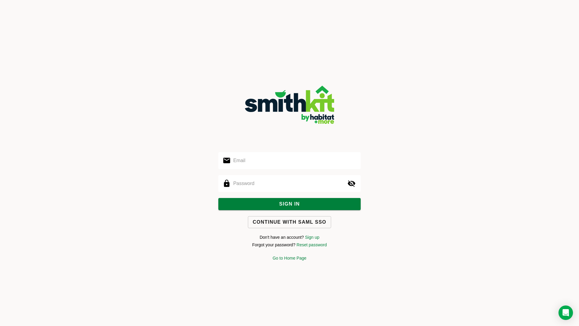  Describe the element at coordinates (272, 258) in the screenshot. I see `'Go to Home Page'` at that location.